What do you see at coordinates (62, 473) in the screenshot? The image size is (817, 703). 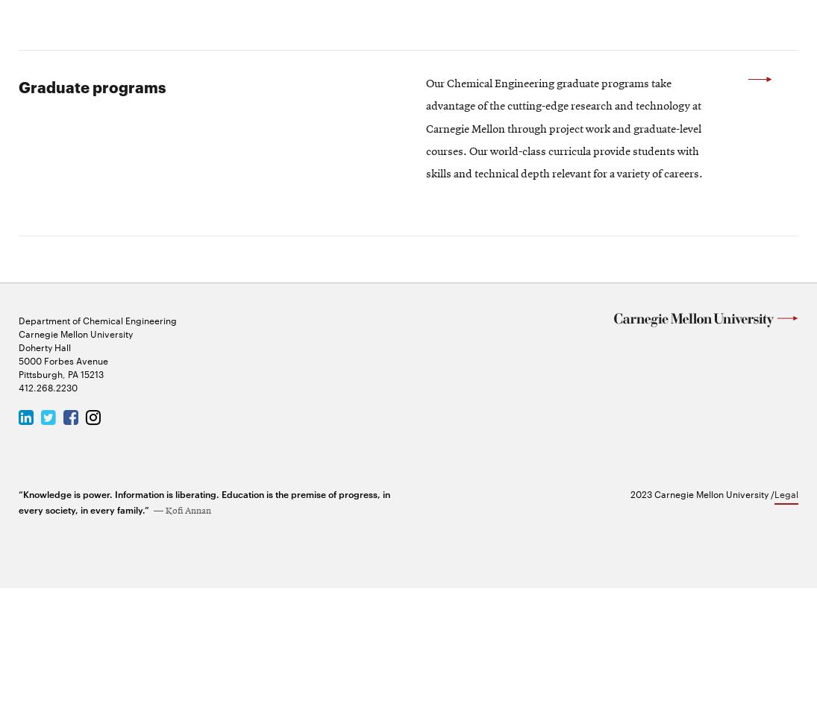 I see `'5000 Forbes Avenue'` at bounding box center [62, 473].